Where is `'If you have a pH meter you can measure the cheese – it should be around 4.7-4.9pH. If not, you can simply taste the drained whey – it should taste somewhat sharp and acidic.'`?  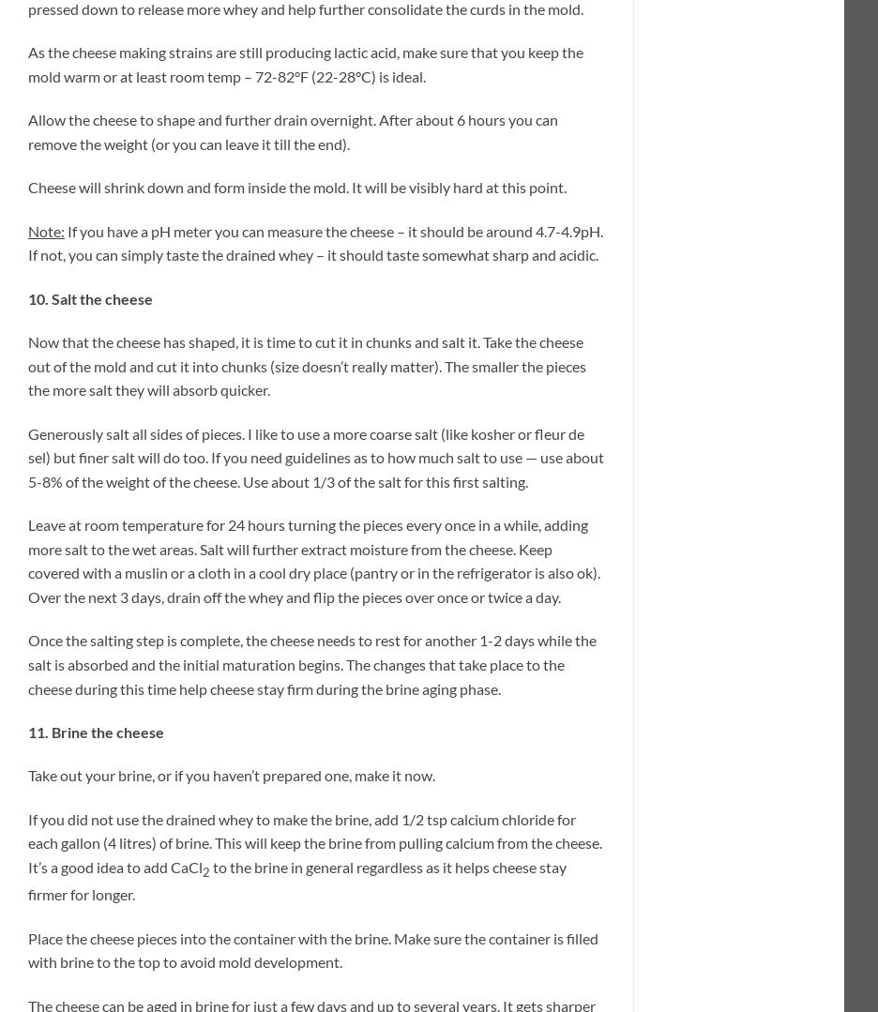 'If you have a pH meter you can measure the cheese – it should be around 4.7-4.9pH. If not, you can simply taste the drained whey – it should taste somewhat sharp and acidic.' is located at coordinates (314, 242).